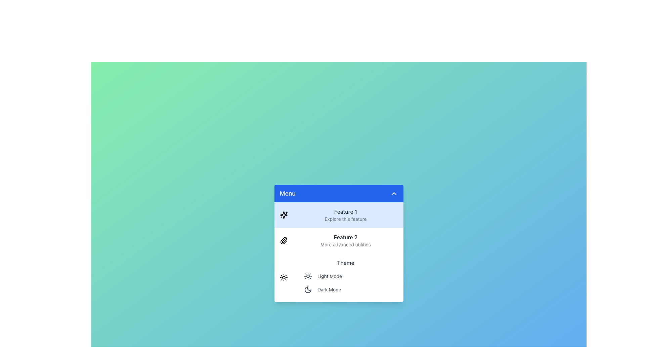 This screenshot has width=645, height=363. I want to click on the Text Label displaying 'Feature 2' in bold dark gray font, located in the dropdown menu above 'More advanced utilities.', so click(345, 237).